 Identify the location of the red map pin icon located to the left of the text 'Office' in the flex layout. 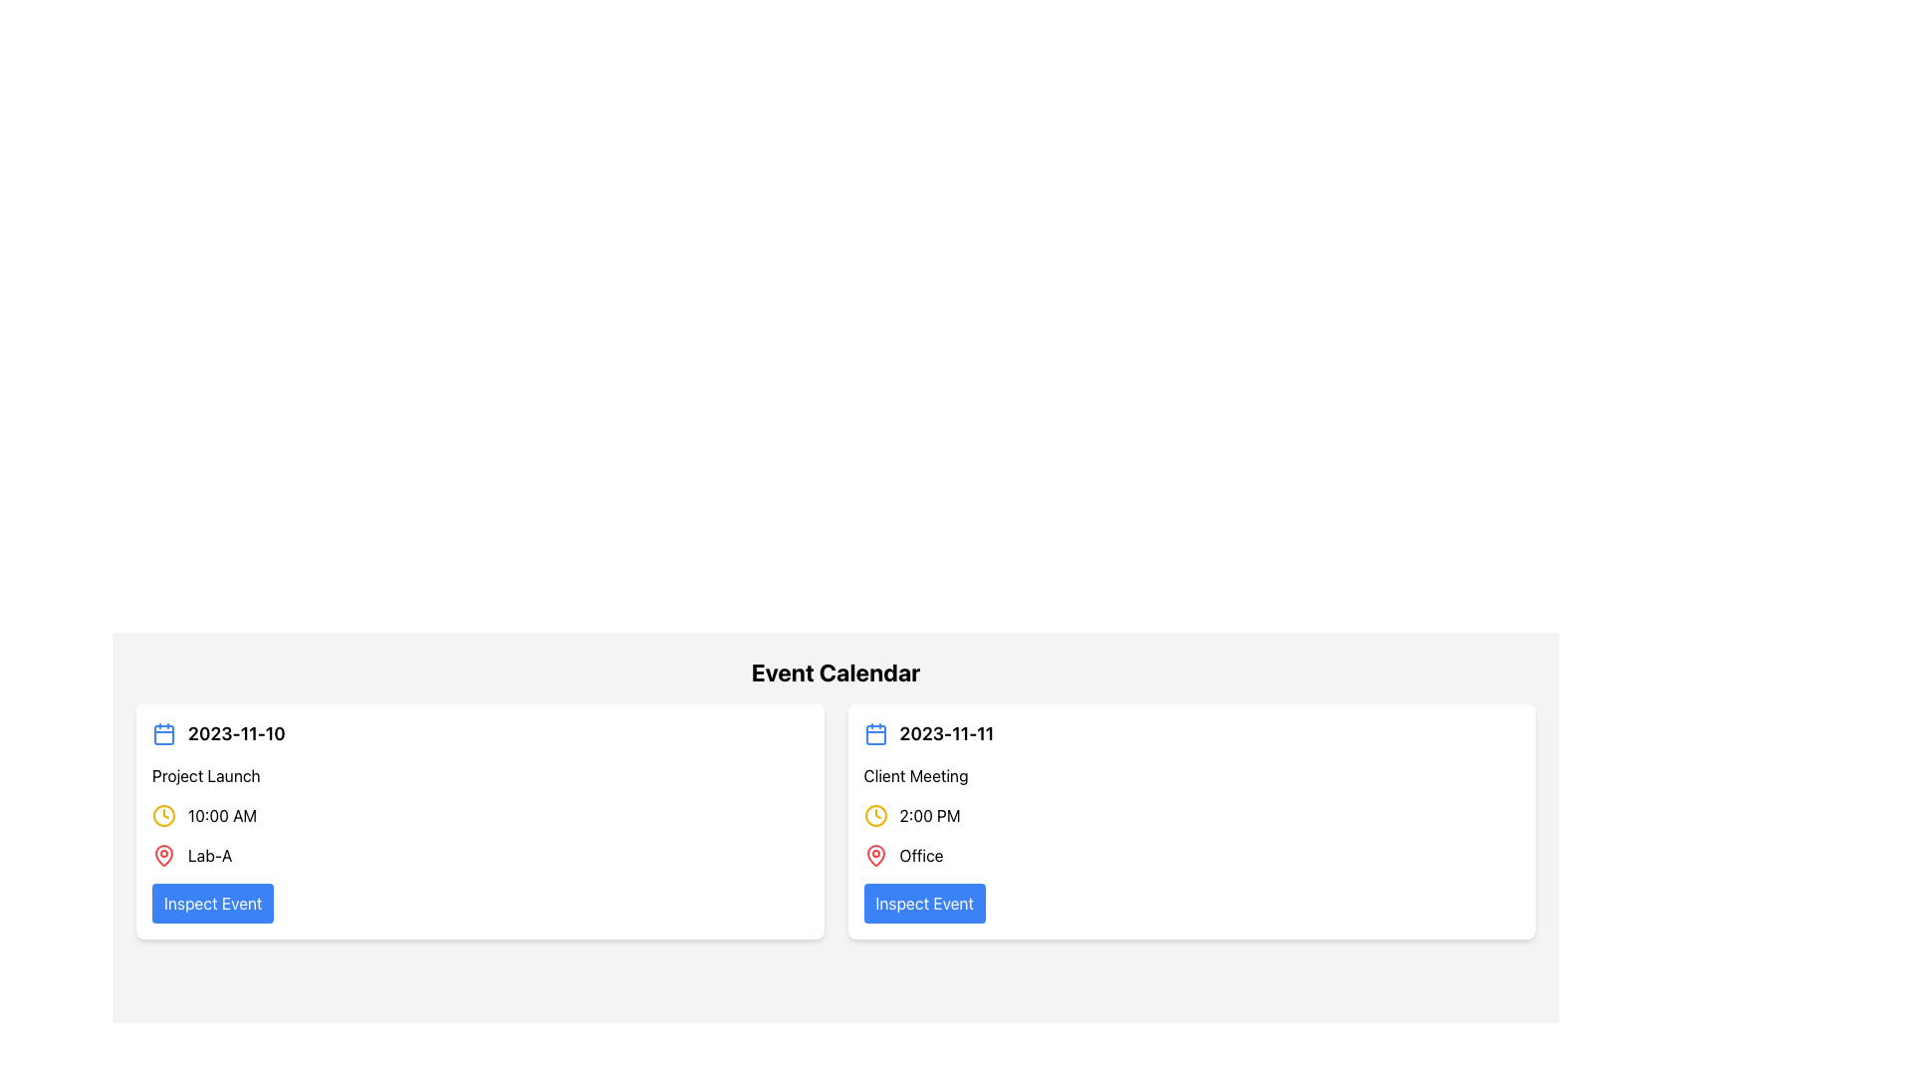
(875, 855).